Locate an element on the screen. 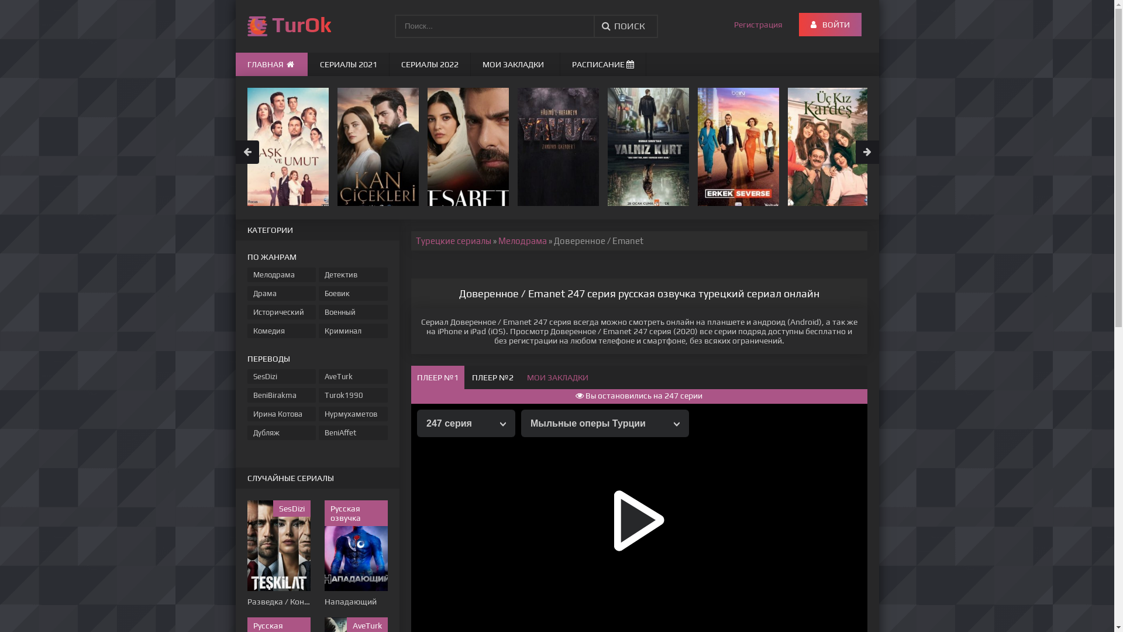 The height and width of the screenshot is (632, 1123). 'TurOk' is located at coordinates (283, 26).